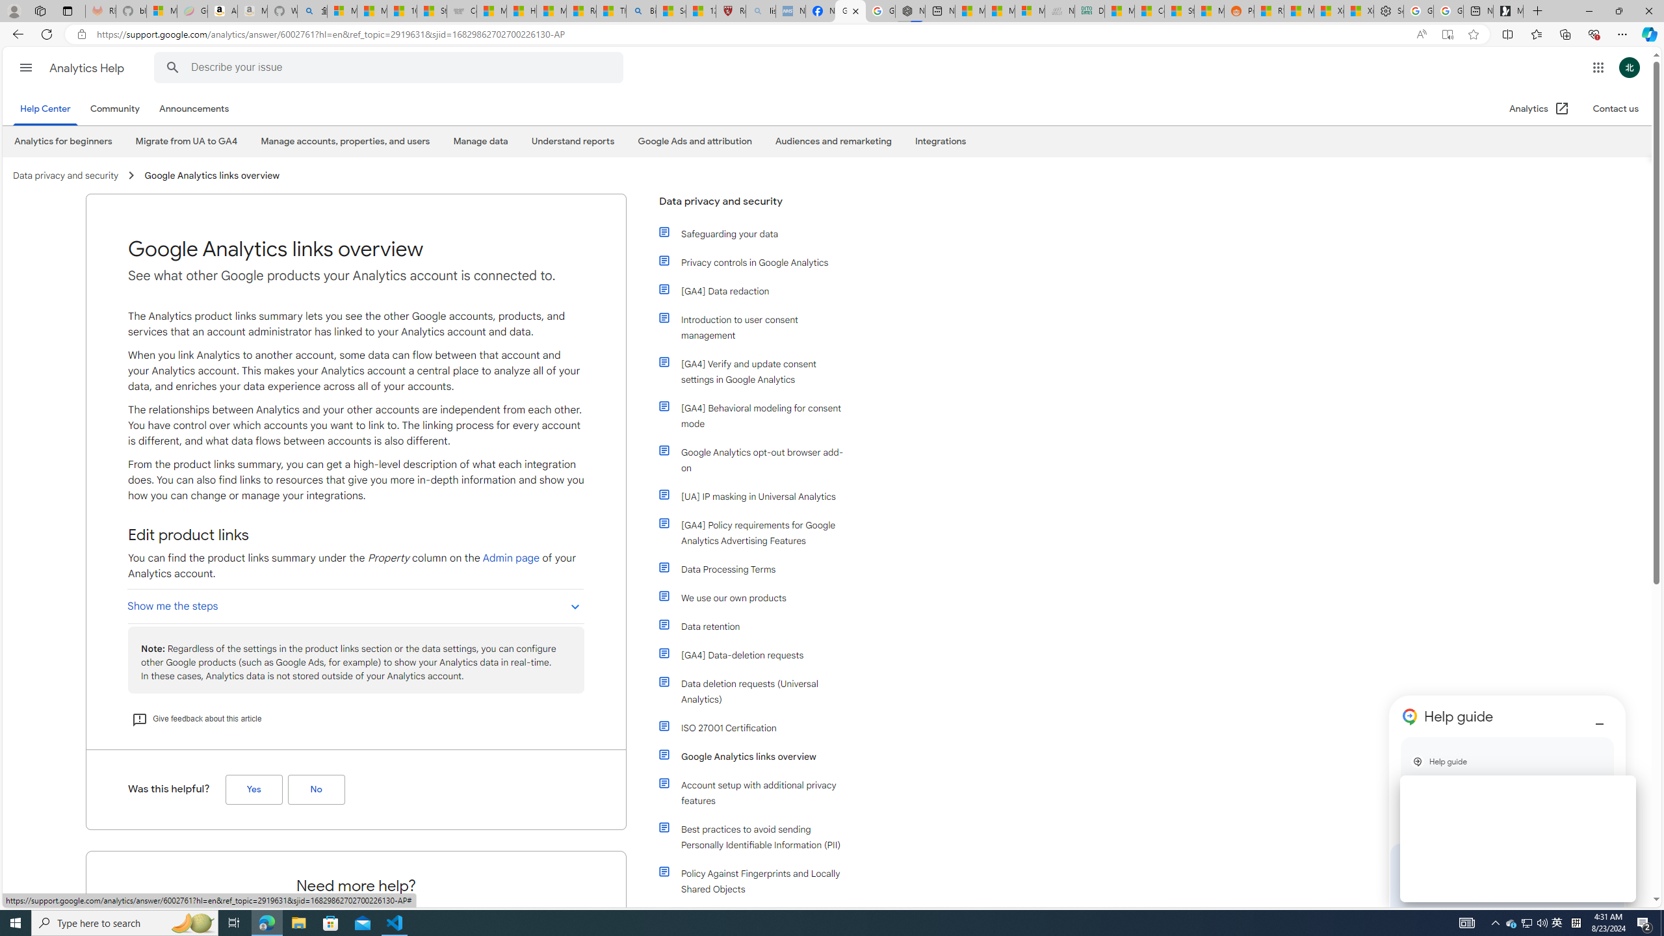 This screenshot has height=936, width=1664. What do you see at coordinates (694, 142) in the screenshot?
I see `'Google Ads and attribution'` at bounding box center [694, 142].